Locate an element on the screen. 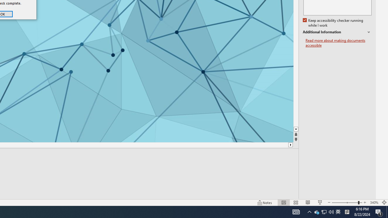 The height and width of the screenshot is (218, 388). 'Action Center, 1 new notification' is located at coordinates (374, 203).